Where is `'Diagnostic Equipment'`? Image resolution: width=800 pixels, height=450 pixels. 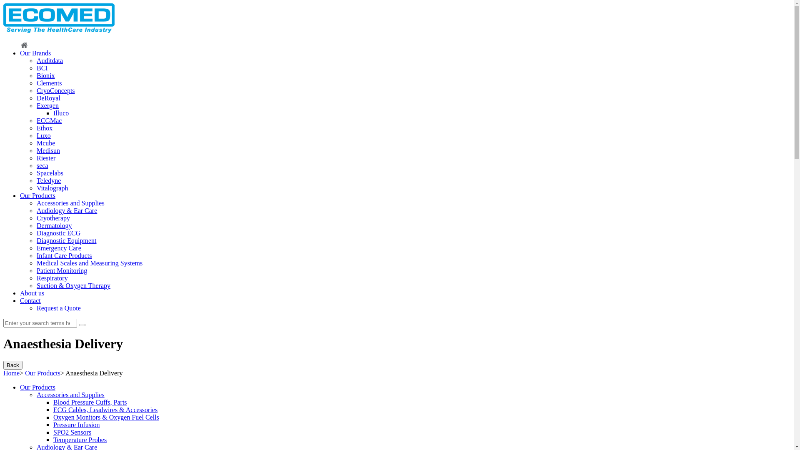 'Diagnostic Equipment' is located at coordinates (66, 240).